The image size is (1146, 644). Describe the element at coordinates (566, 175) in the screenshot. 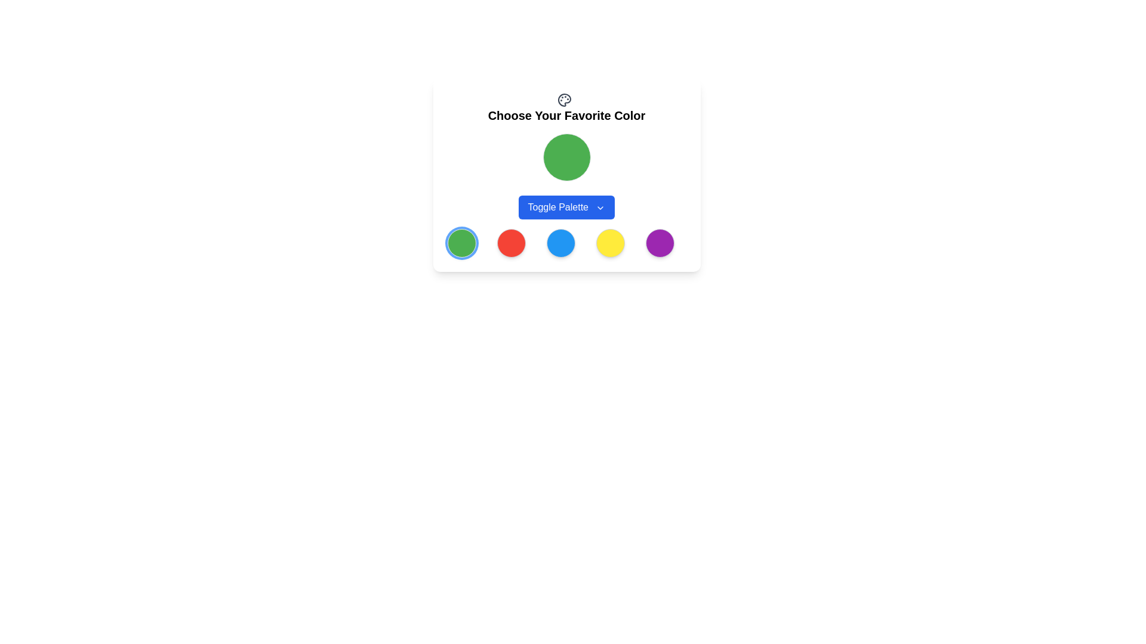

I see `the circular area with a solid green background located centrally below the title 'Choose Your Favorite Color' and above the 'Toggle Palette' button` at that location.